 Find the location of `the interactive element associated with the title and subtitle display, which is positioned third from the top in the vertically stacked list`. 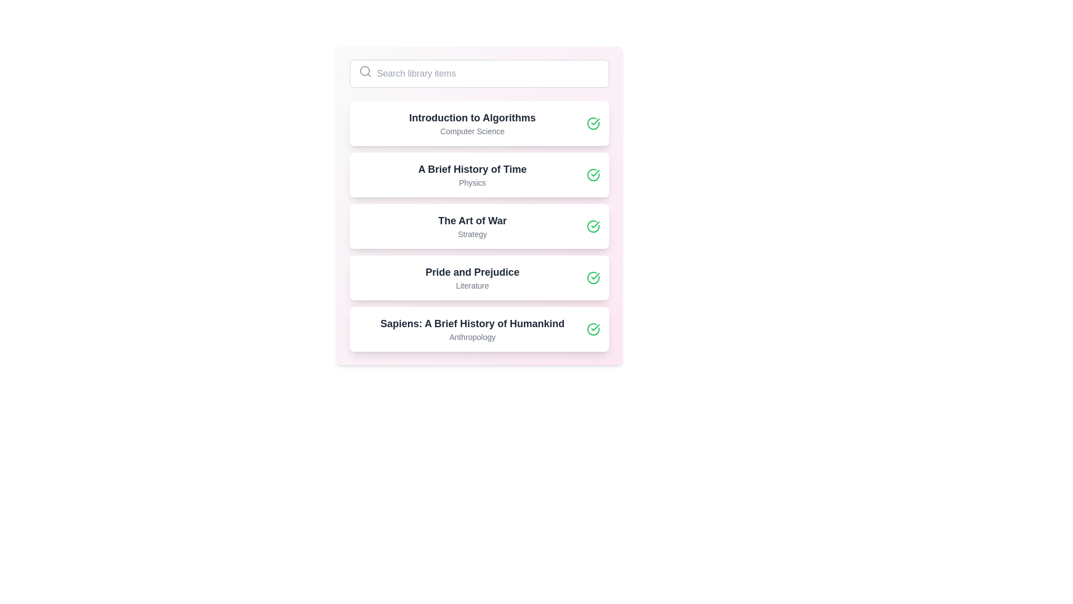

the interactive element associated with the title and subtitle display, which is positioned third from the top in the vertically stacked list is located at coordinates (472, 226).